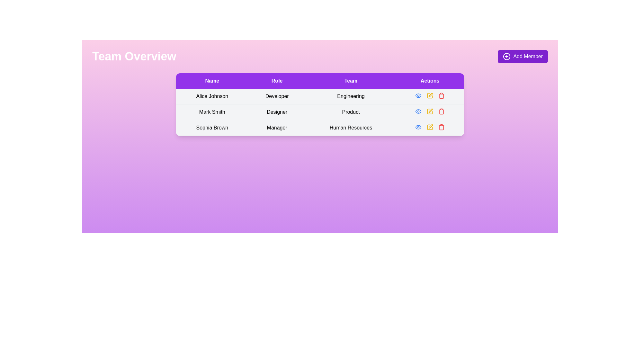 The width and height of the screenshot is (617, 347). Describe the element at coordinates (441, 127) in the screenshot. I see `the trash icon located in the 'Actions' column of the table` at that location.